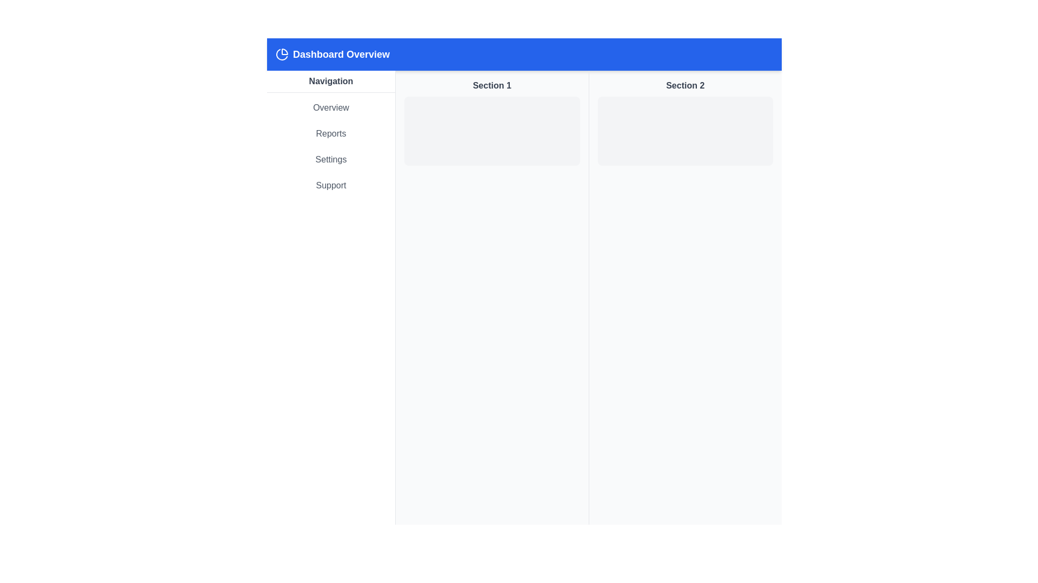  What do you see at coordinates (684, 85) in the screenshot?
I see `the text label that serves as a title for the second section of the layout, located in the second column, directly below the blue header bar` at bounding box center [684, 85].